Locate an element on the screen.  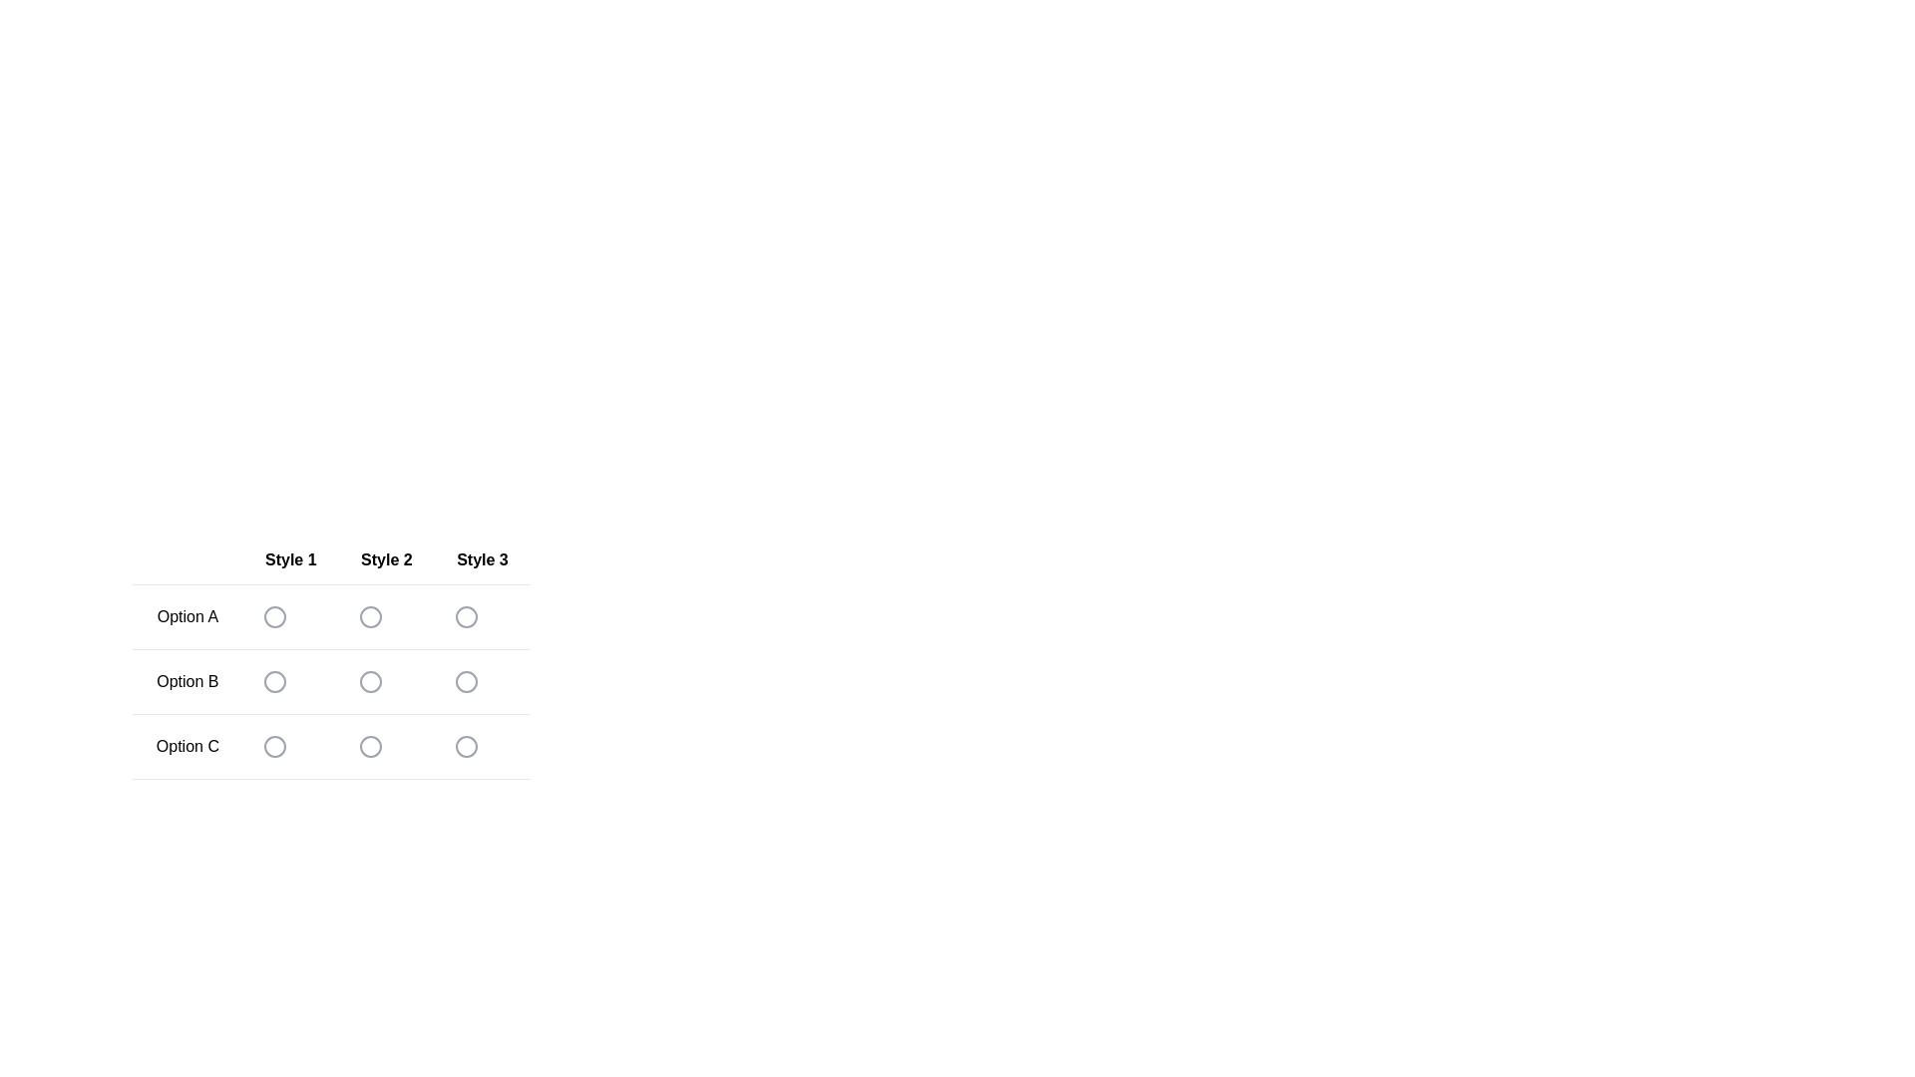
accessibility features of the 'Style 3' radio button located in the first row ('Option A') and third column of the table layout by clicking on it is located at coordinates (465, 615).